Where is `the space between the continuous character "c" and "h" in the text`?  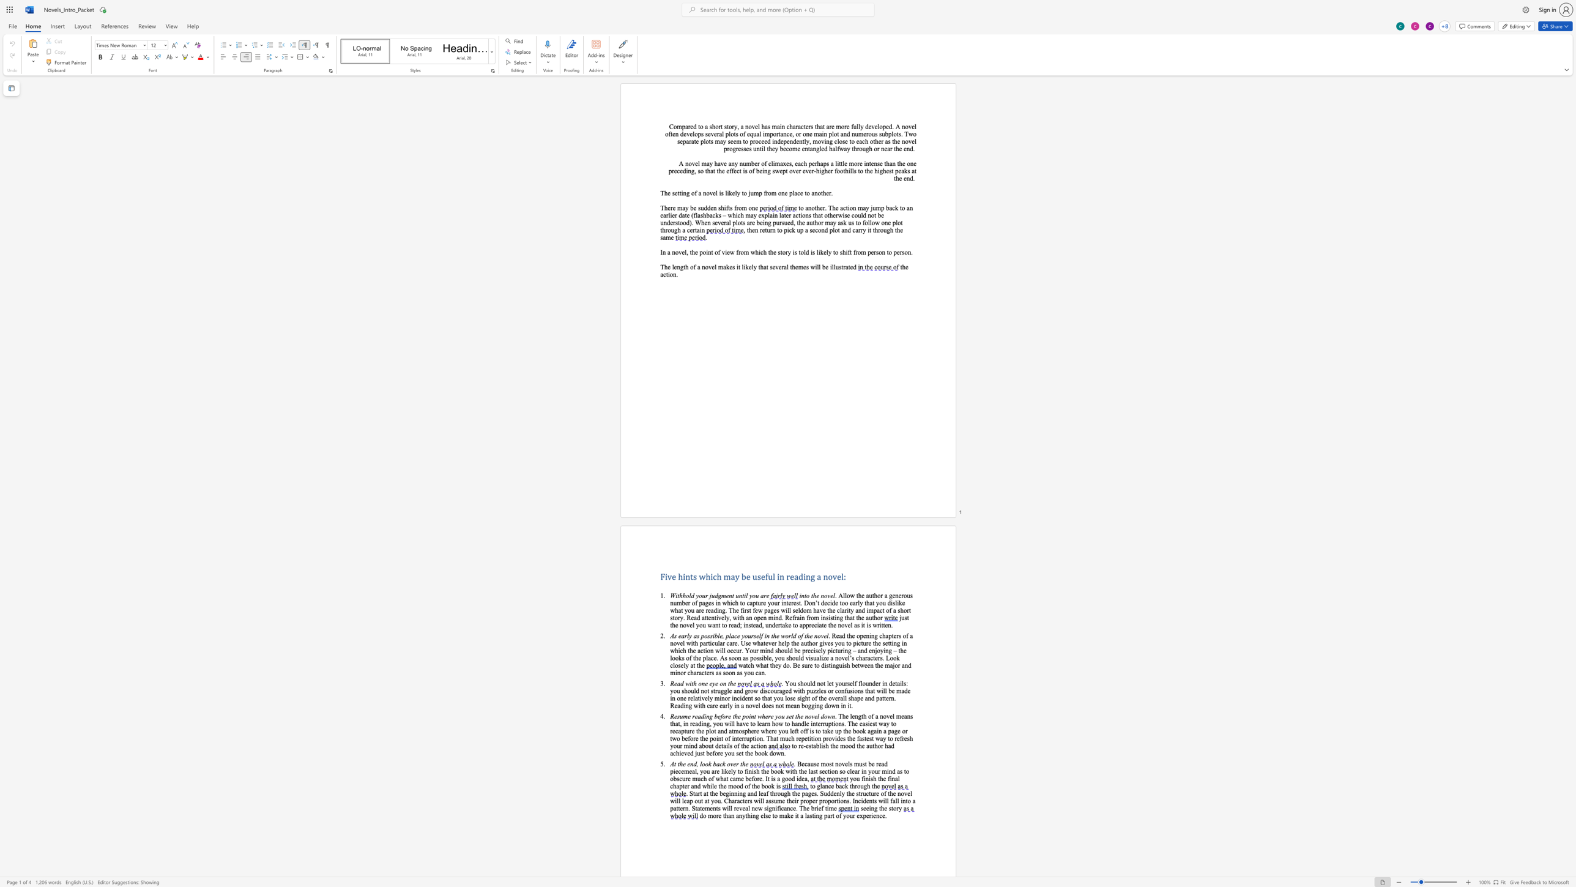 the space between the continuous character "c" and "h" in the text is located at coordinates (803, 163).